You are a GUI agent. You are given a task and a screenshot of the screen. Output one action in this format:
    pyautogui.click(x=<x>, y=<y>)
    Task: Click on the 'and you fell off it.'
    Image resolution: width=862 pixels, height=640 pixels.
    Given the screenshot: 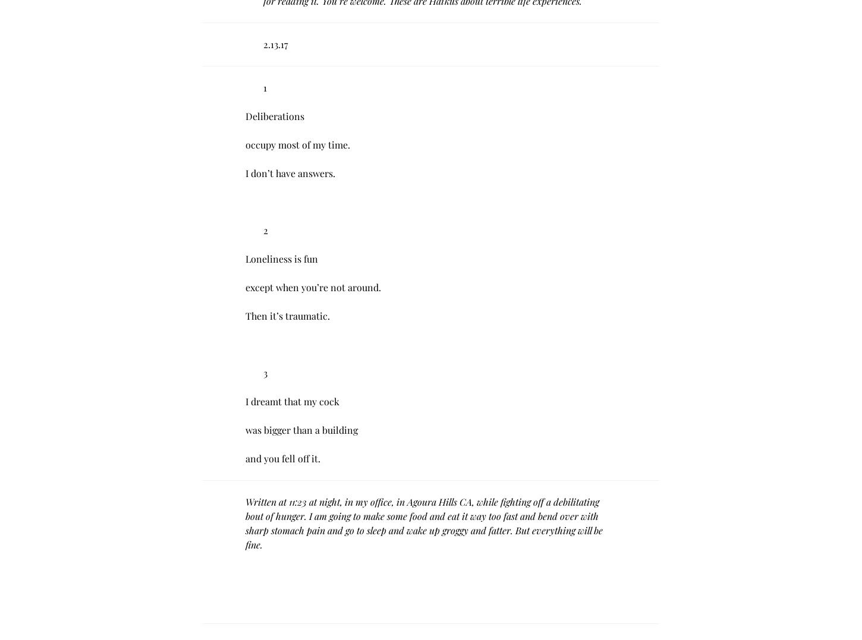 What is the action you would take?
    pyautogui.click(x=282, y=458)
    